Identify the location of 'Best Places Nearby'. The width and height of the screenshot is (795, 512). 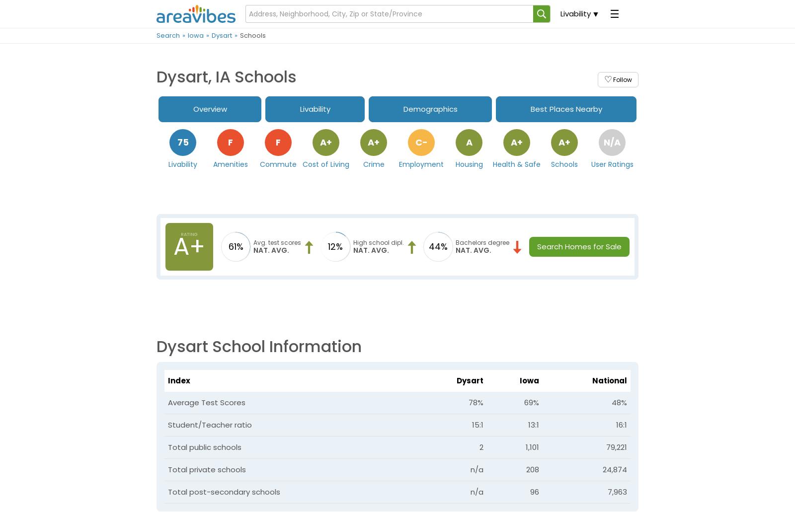
(566, 109).